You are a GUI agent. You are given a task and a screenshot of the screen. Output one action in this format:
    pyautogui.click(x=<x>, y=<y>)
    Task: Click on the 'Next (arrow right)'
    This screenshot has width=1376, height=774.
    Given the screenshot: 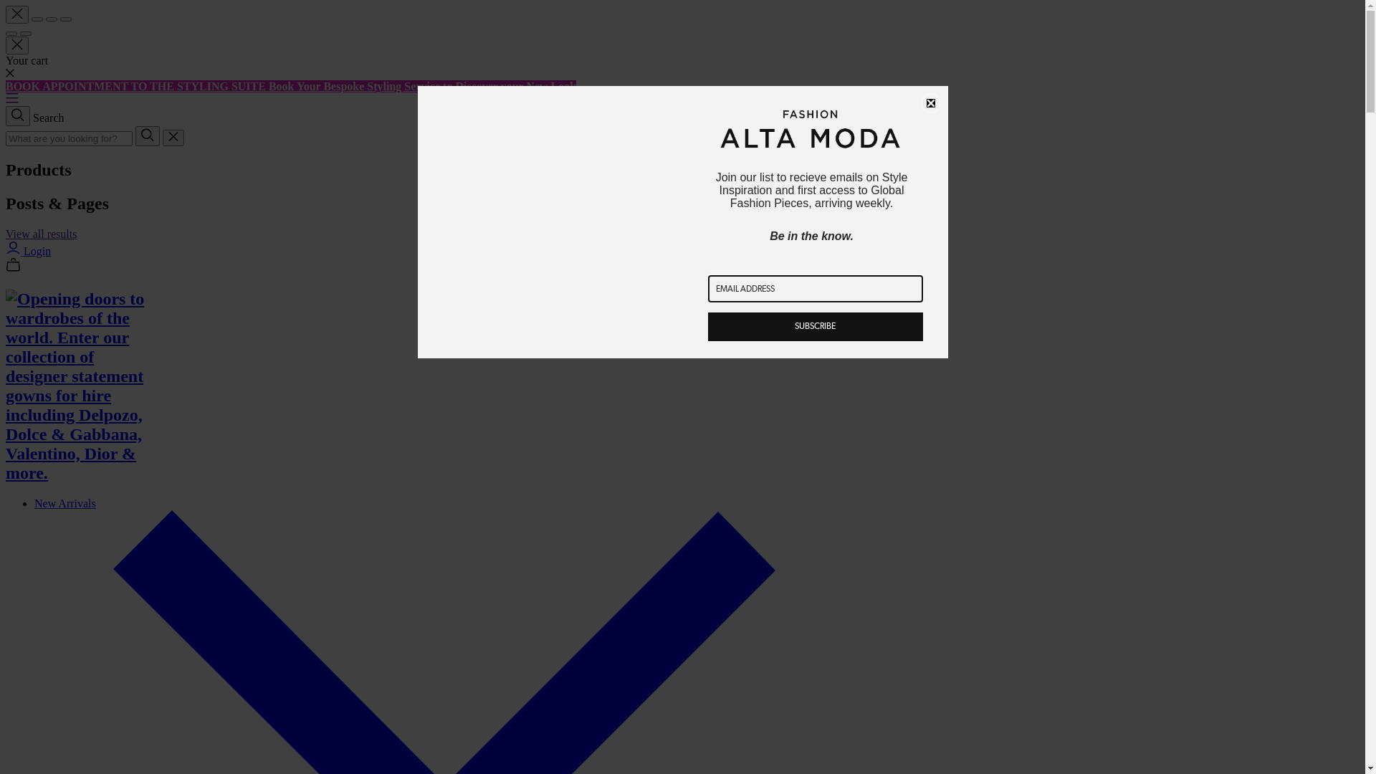 What is the action you would take?
    pyautogui.click(x=25, y=32)
    